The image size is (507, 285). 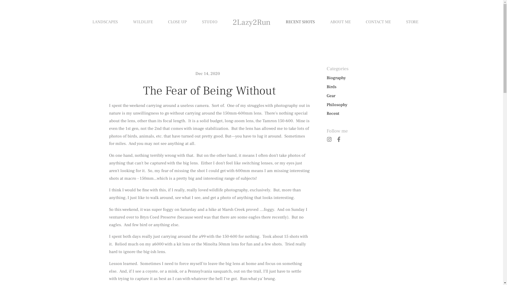 I want to click on 'LANDSCAPES', so click(x=92, y=22).